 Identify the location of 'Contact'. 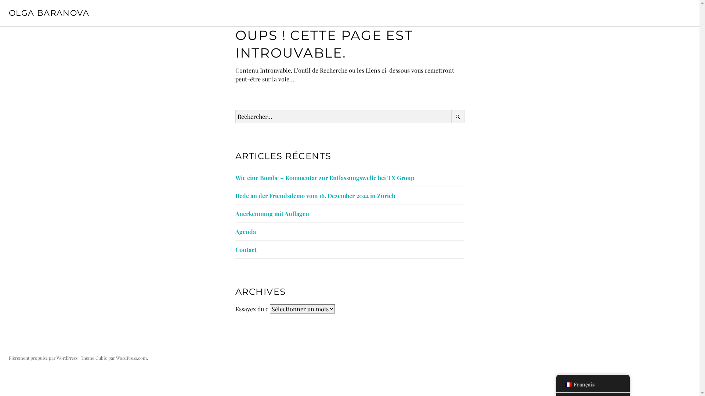
(245, 249).